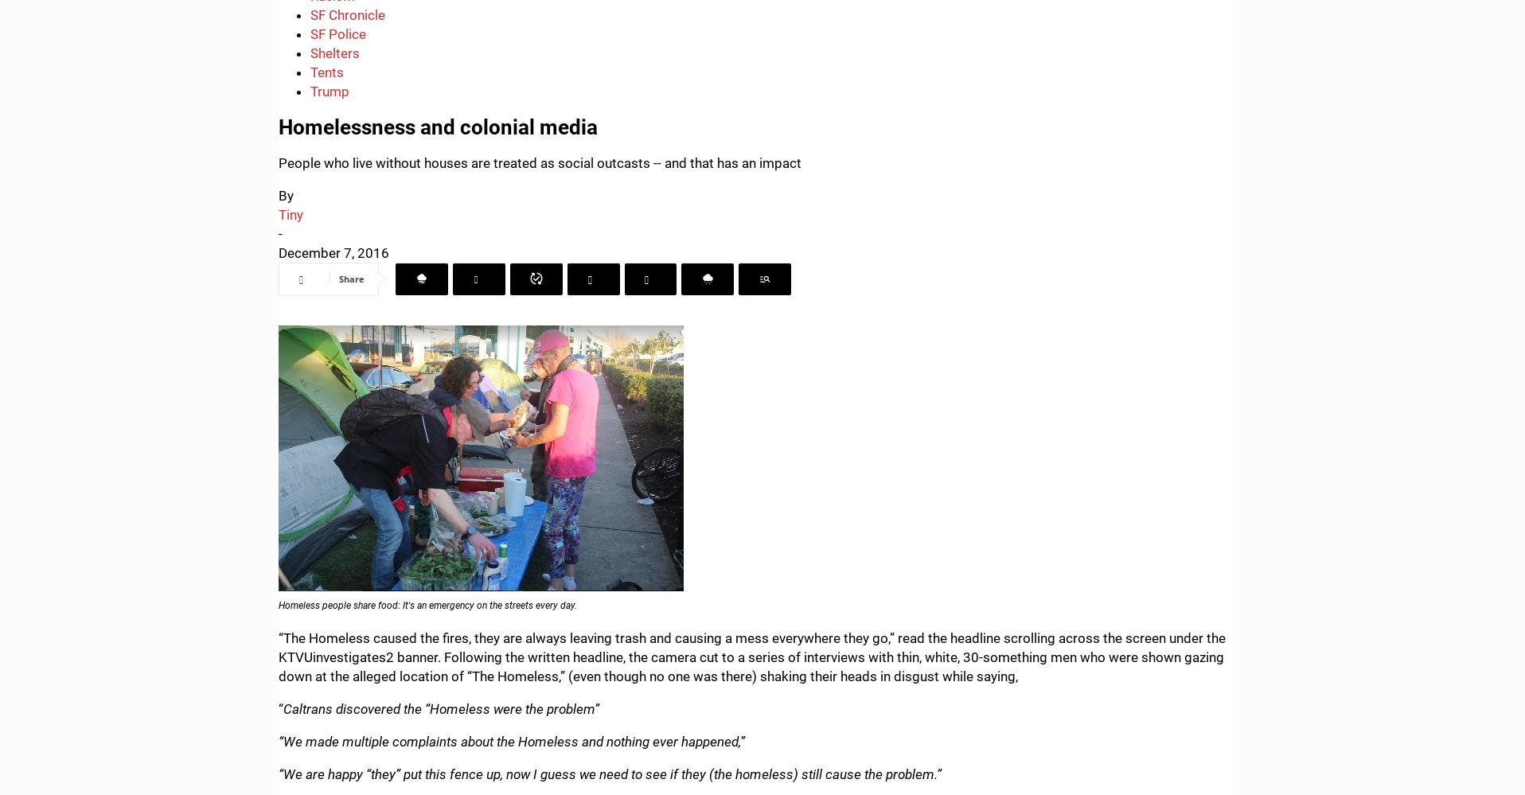 The height and width of the screenshot is (795, 1525). What do you see at coordinates (348, 14) in the screenshot?
I see `'SF Chronicle'` at bounding box center [348, 14].